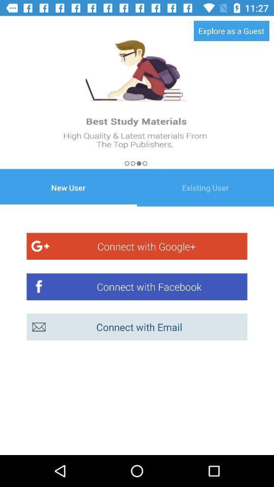  Describe the element at coordinates (231, 30) in the screenshot. I see `explore as a item` at that location.